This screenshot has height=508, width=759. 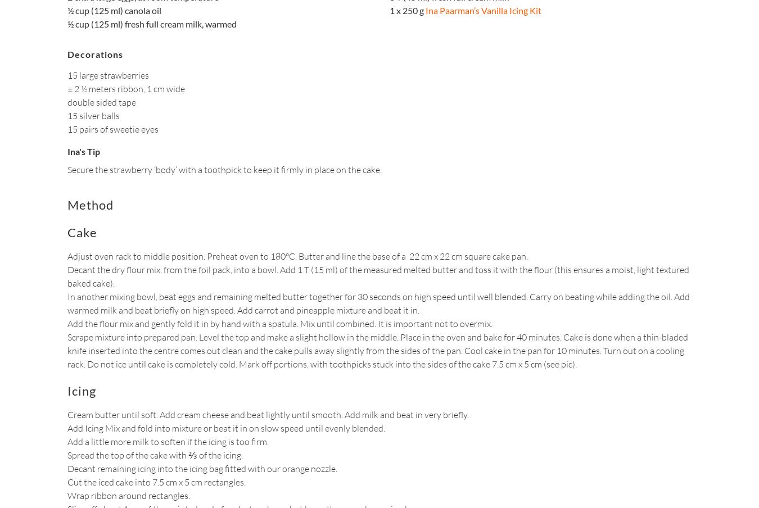 I want to click on 'Wrap ribbon around rectangles.', so click(x=67, y=495).